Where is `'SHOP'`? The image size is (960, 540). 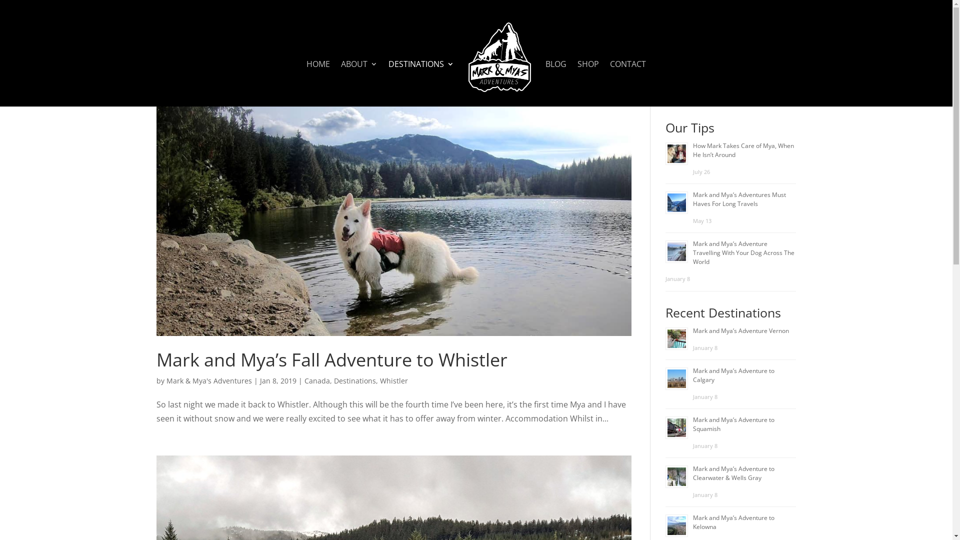
'SHOP' is located at coordinates (577, 82).